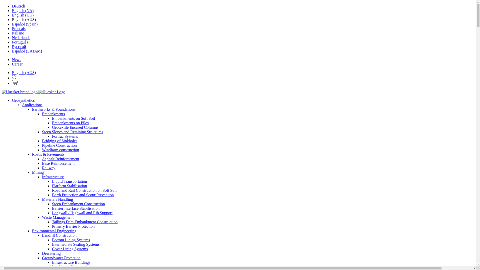 This screenshot has width=480, height=270. Describe the element at coordinates (52, 226) in the screenshot. I see `'Primary Barrier Protection'` at that location.